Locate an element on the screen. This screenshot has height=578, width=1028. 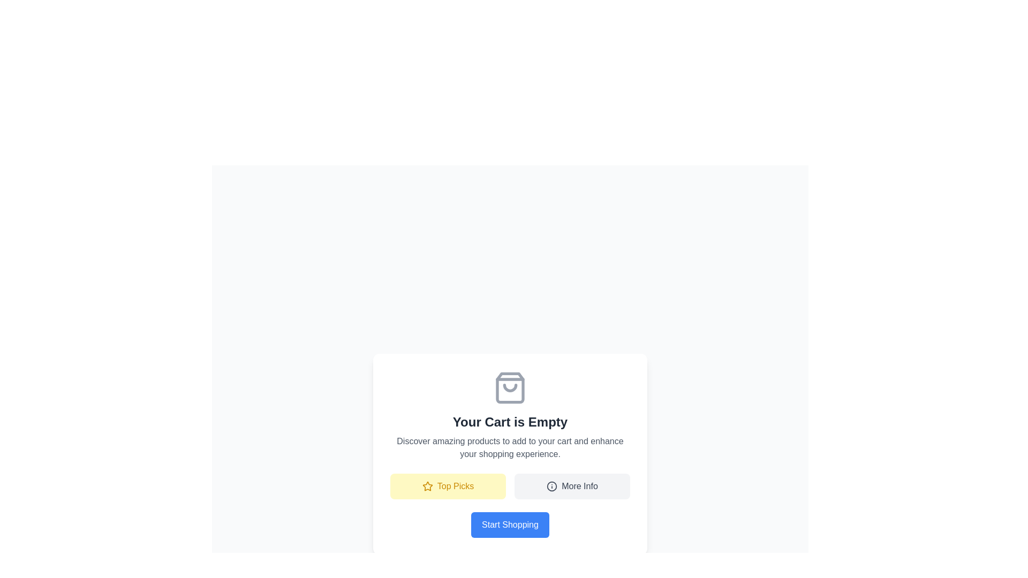
the button located at the bottom center of the white card interface to initiate the Start Shopping action is located at coordinates (509, 524).